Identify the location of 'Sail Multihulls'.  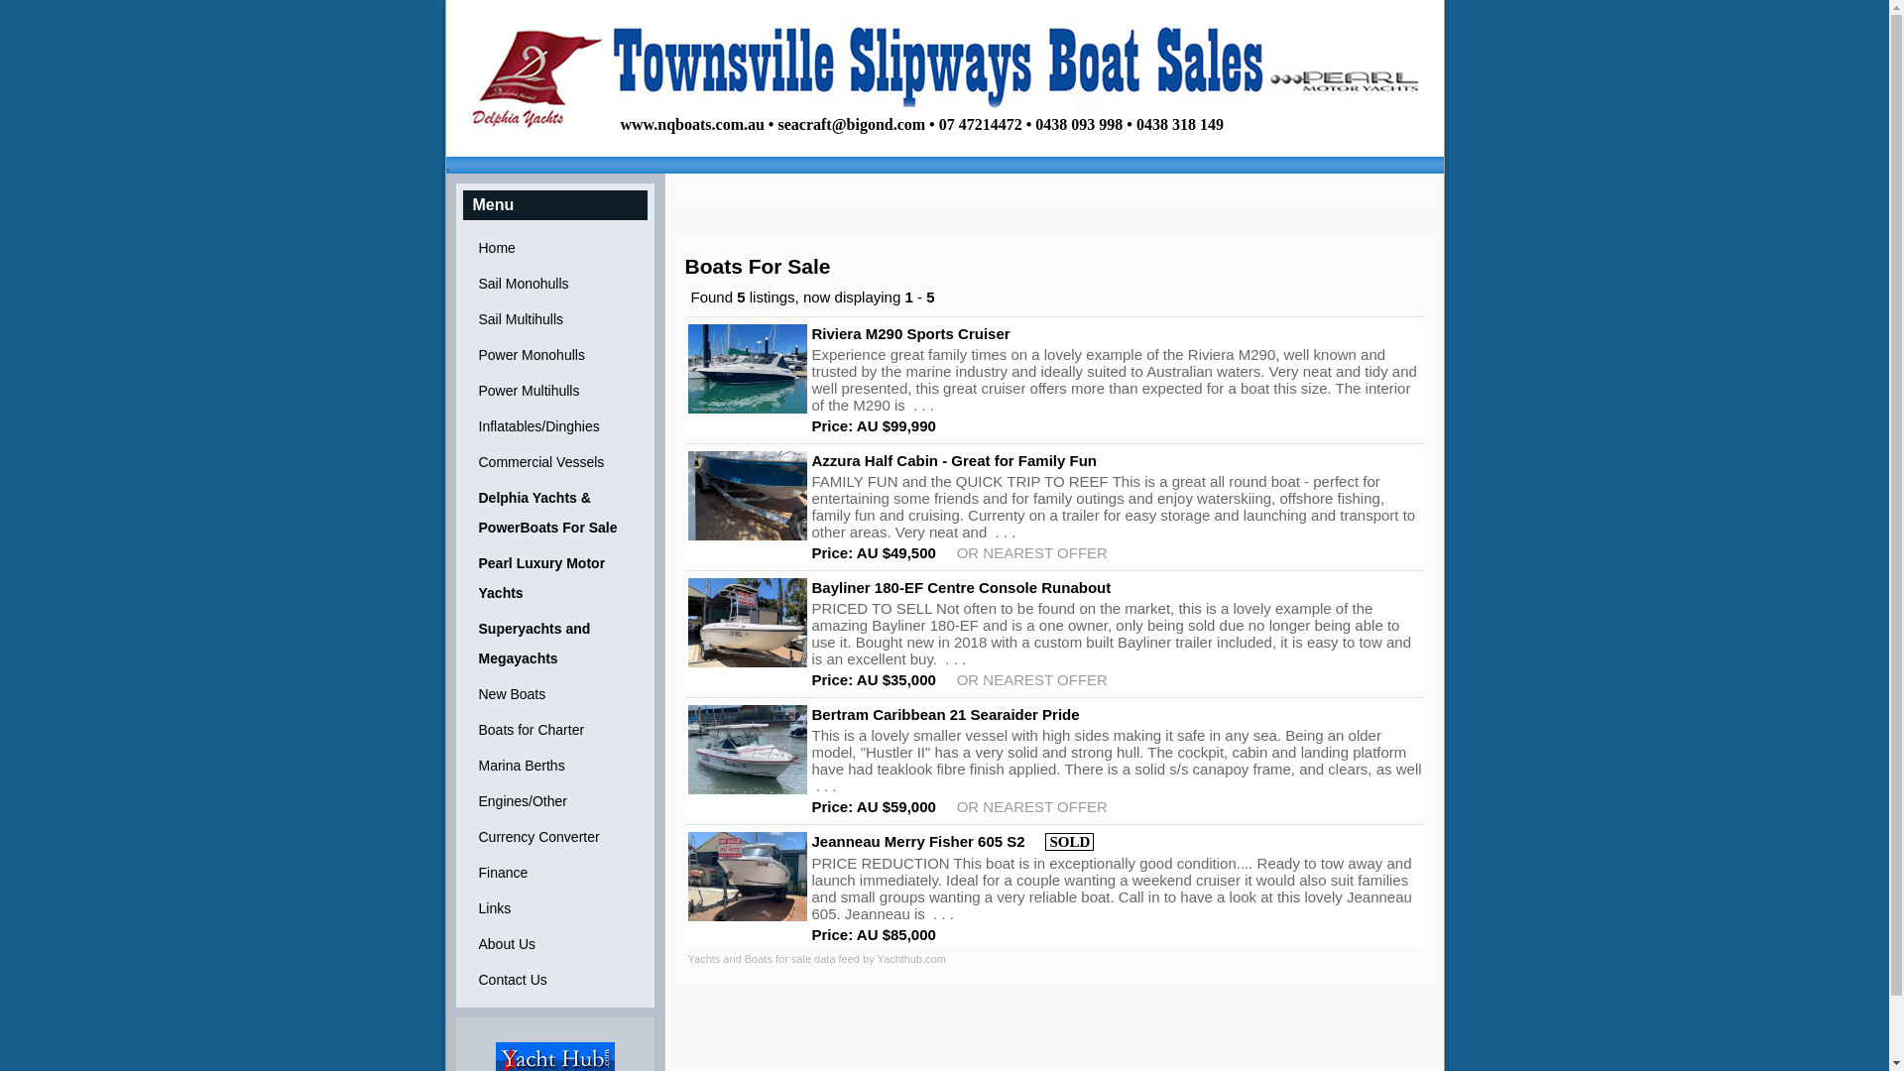
(555, 317).